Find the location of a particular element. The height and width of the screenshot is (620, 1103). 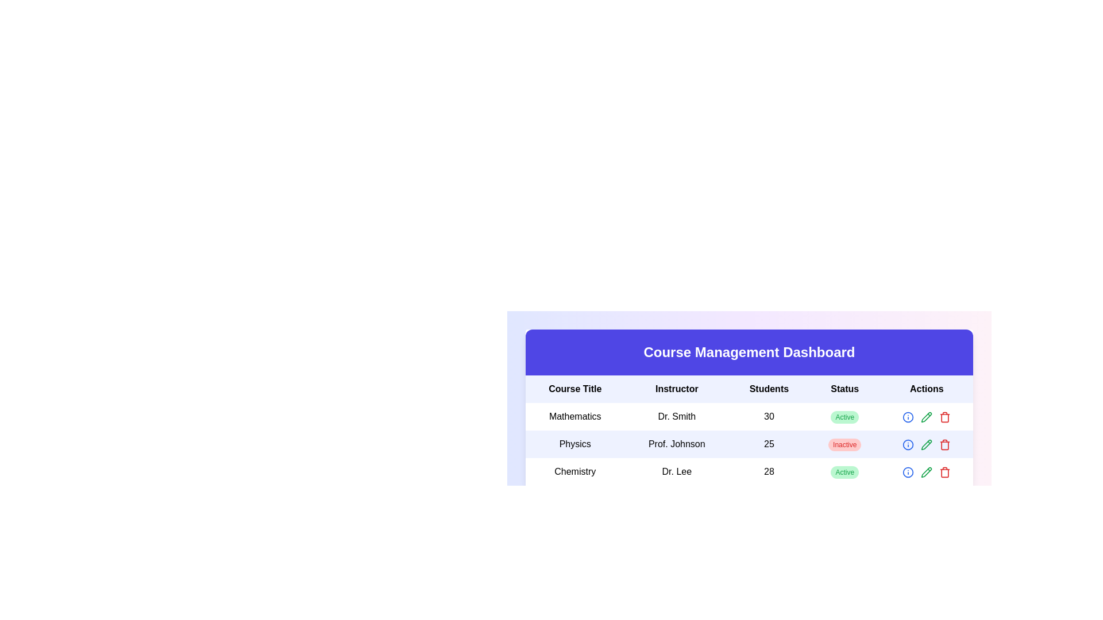

to select the first row of the course table displaying 'Mathematics' as the course title, 'Dr. Smith' as the instructor, '30' as the number of students, and 'Active' as the status is located at coordinates (749, 416).